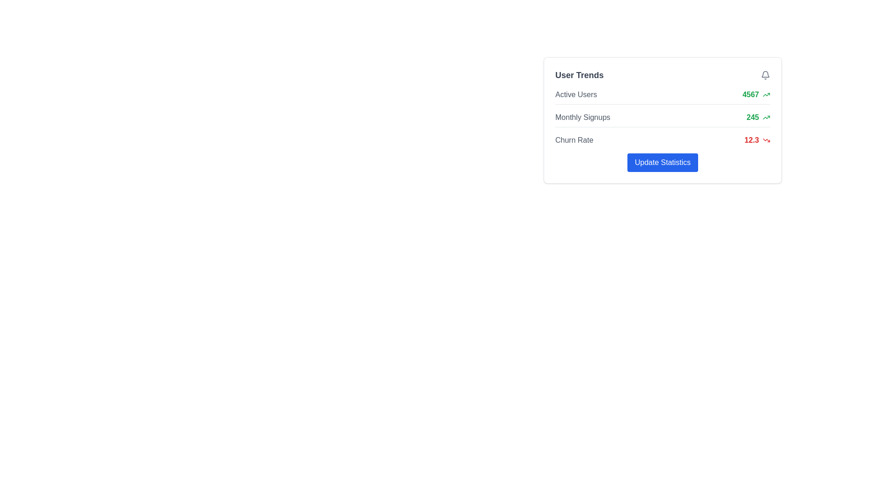 This screenshot has height=502, width=893. I want to click on label text located at the top of the 'User Trends' panel, which serves as a title for the associated metric displayed to its right, so click(575, 95).